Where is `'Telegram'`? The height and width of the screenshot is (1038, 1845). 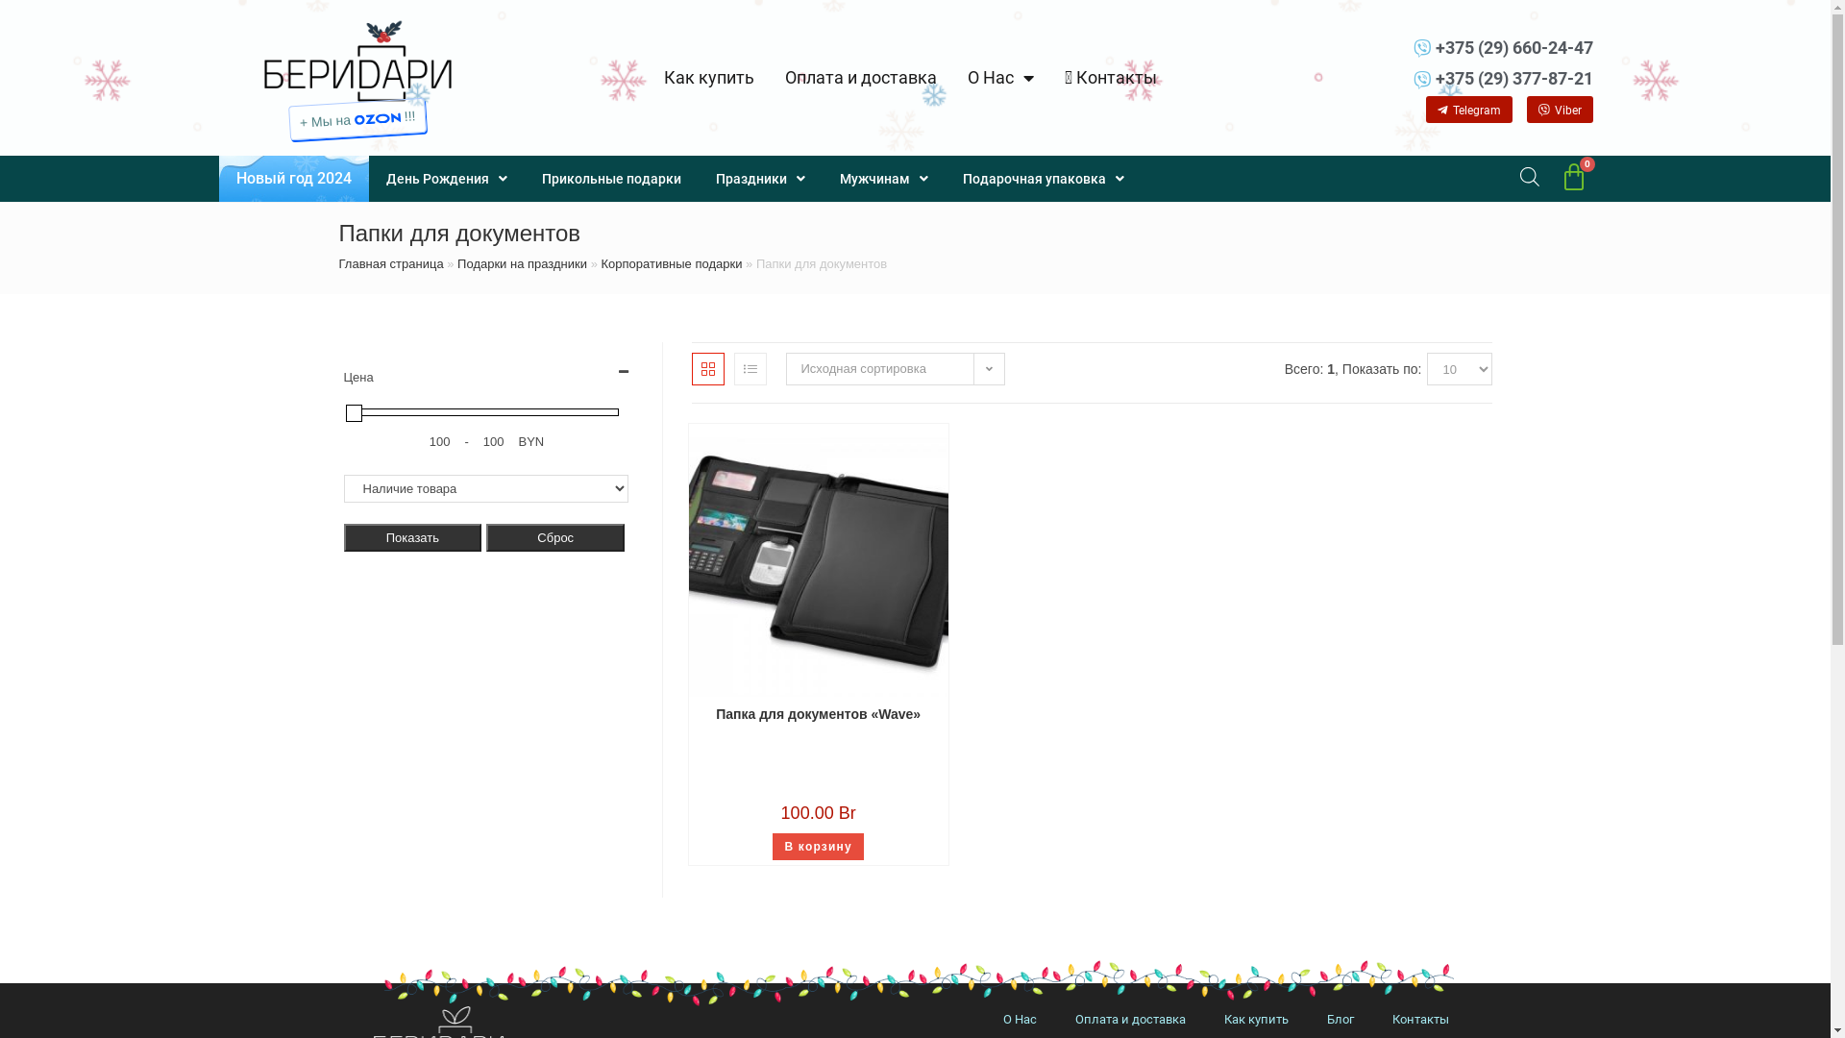
'Telegram' is located at coordinates (1468, 110).